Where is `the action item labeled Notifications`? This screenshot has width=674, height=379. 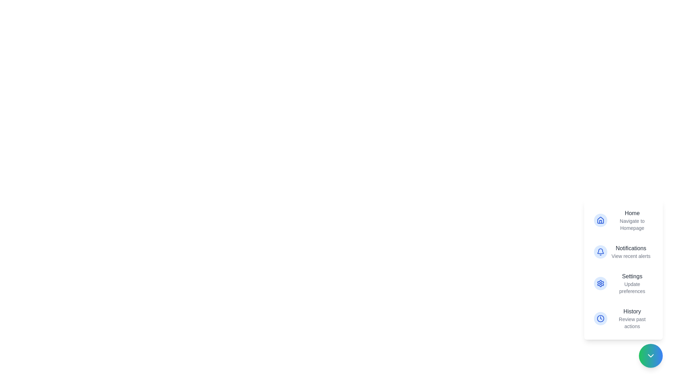 the action item labeled Notifications is located at coordinates (623, 251).